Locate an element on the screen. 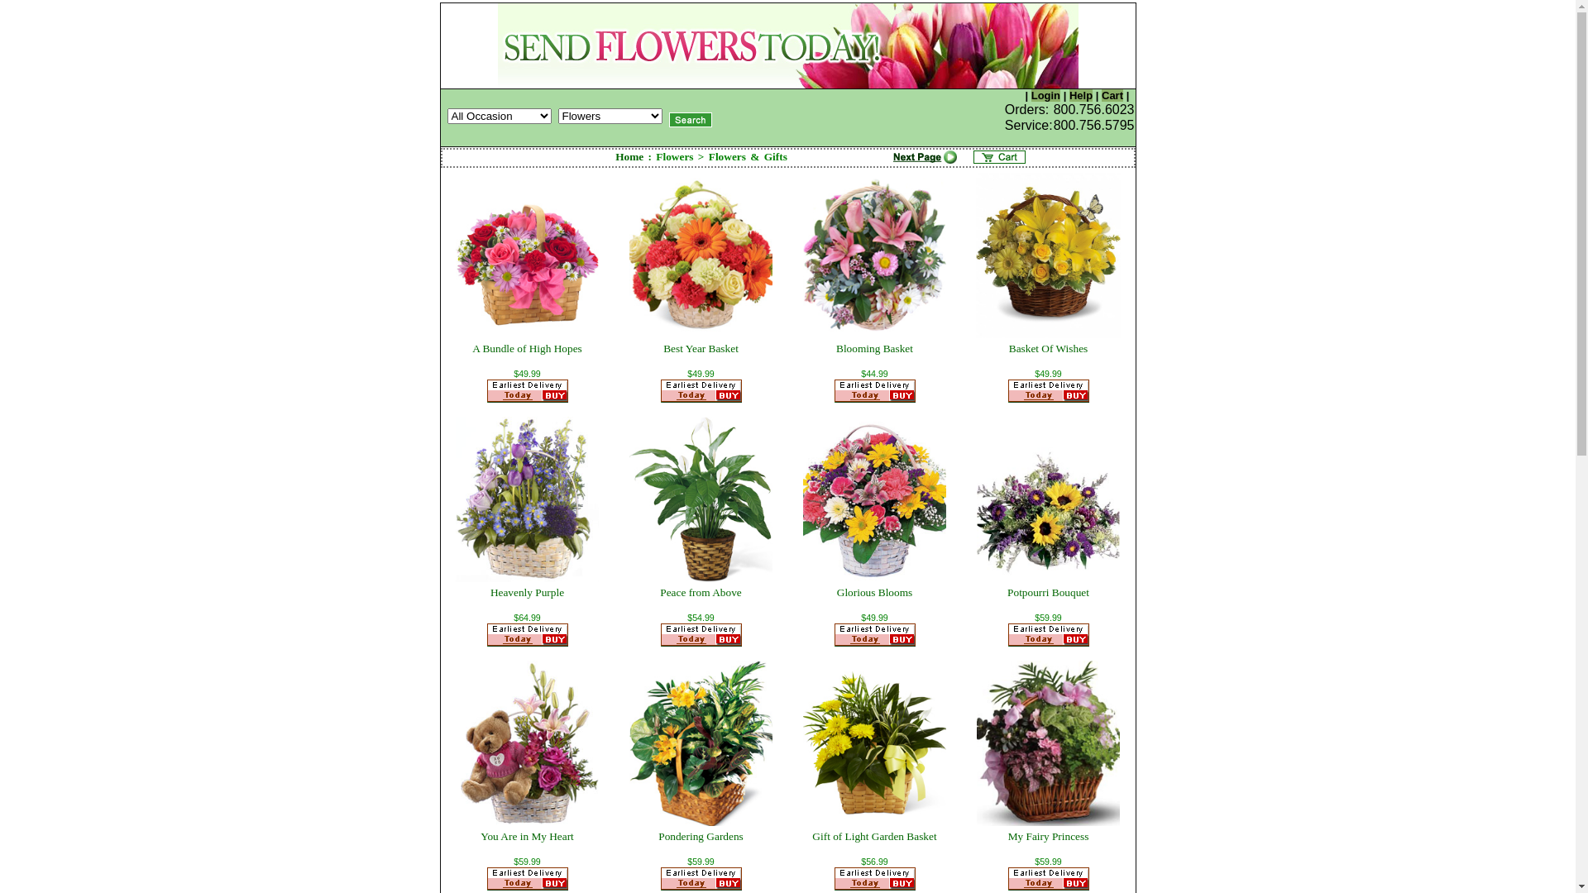  'Help' is located at coordinates (1080, 95).